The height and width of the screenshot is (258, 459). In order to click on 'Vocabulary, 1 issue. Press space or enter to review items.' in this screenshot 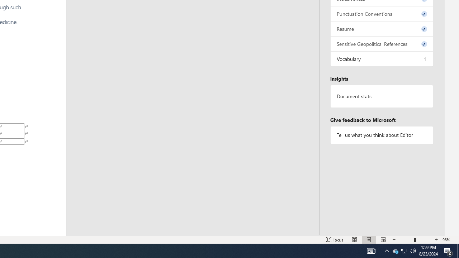, I will do `click(381, 58)`.